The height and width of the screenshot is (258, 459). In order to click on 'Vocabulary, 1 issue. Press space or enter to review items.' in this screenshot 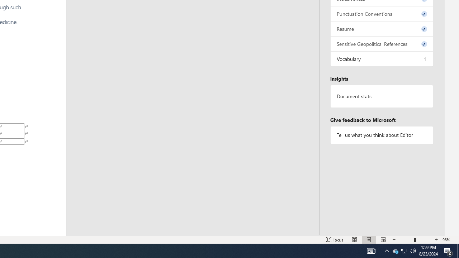, I will do `click(381, 58)`.